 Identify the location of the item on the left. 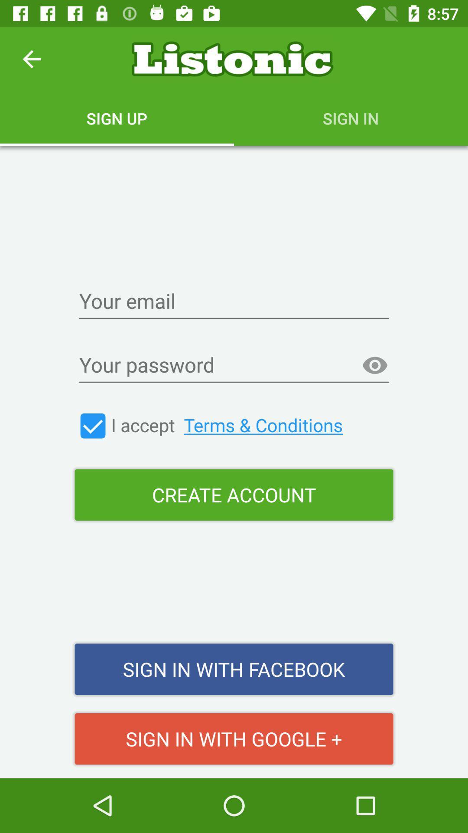
(93, 426).